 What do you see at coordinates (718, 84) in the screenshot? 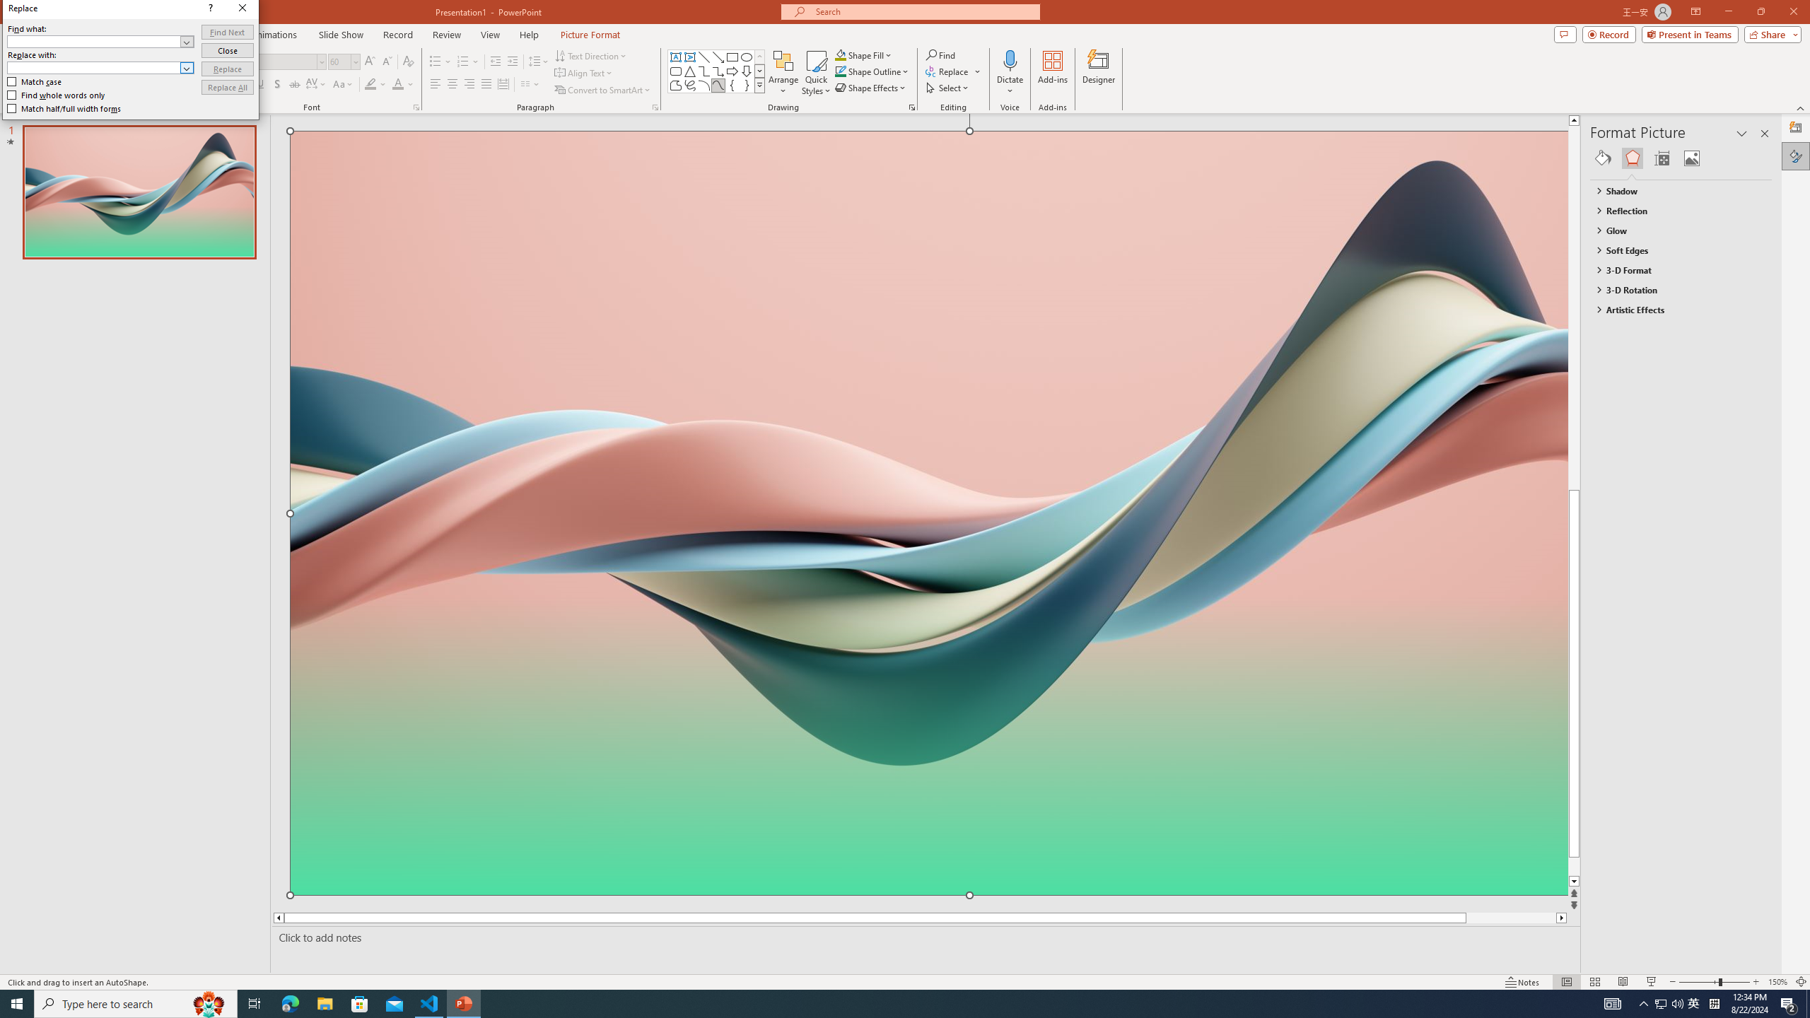
I see `'Curve'` at bounding box center [718, 84].